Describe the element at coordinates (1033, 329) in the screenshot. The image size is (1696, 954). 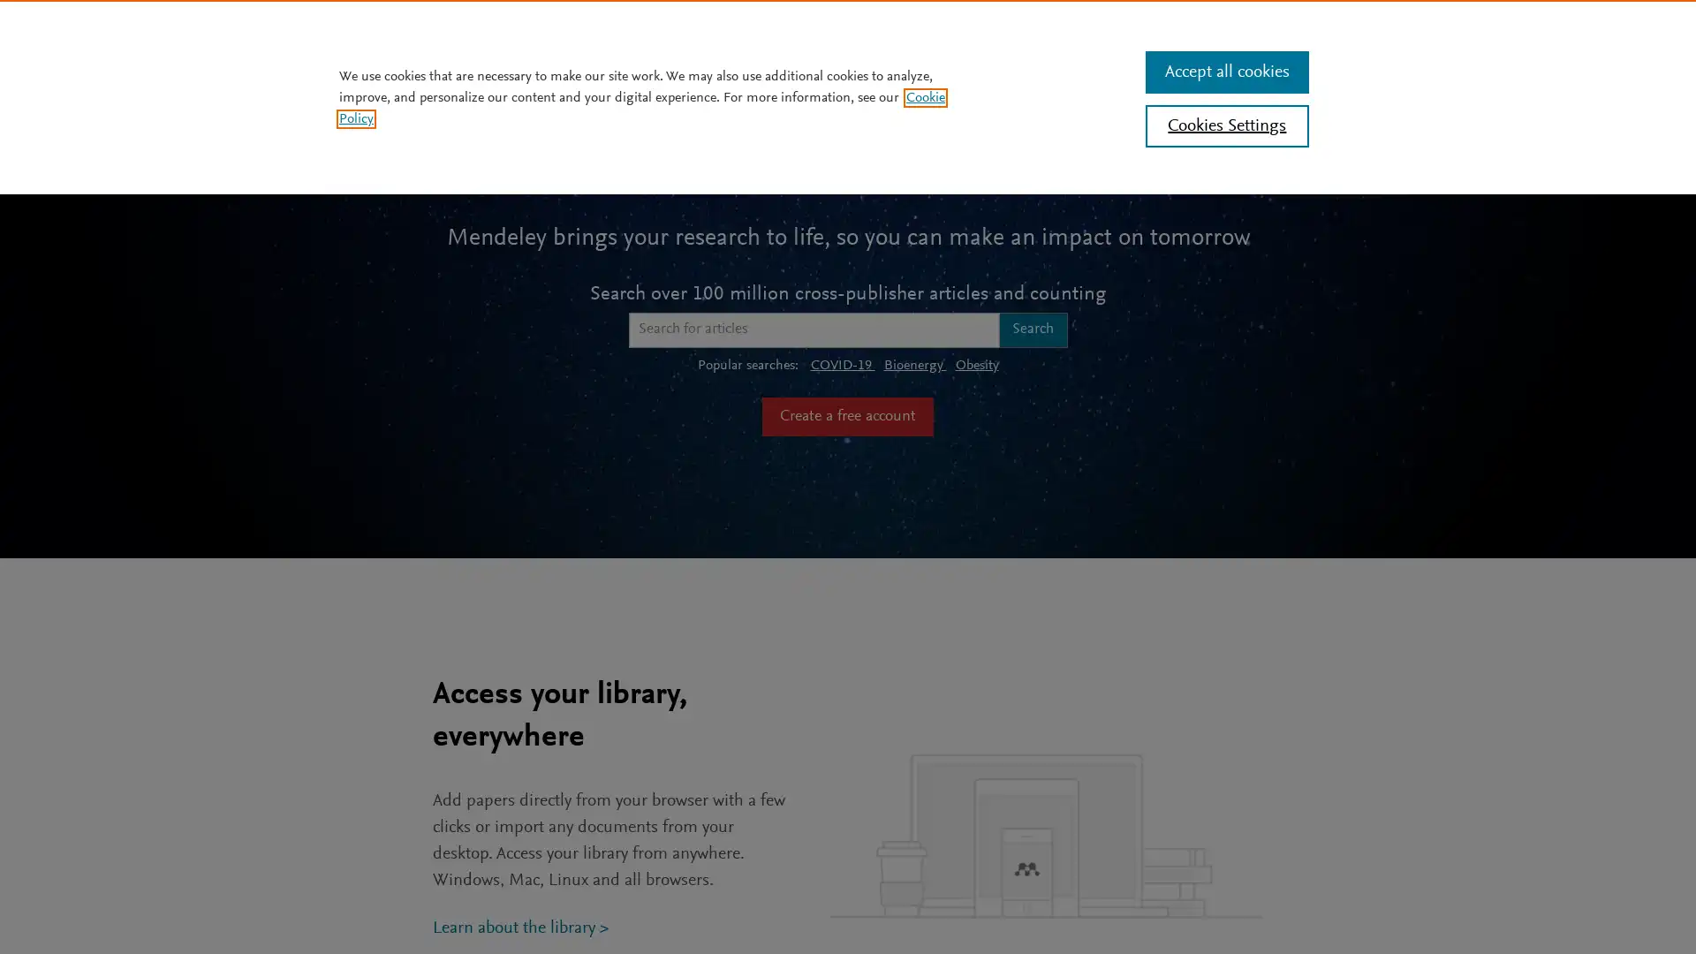
I see `Search` at that location.